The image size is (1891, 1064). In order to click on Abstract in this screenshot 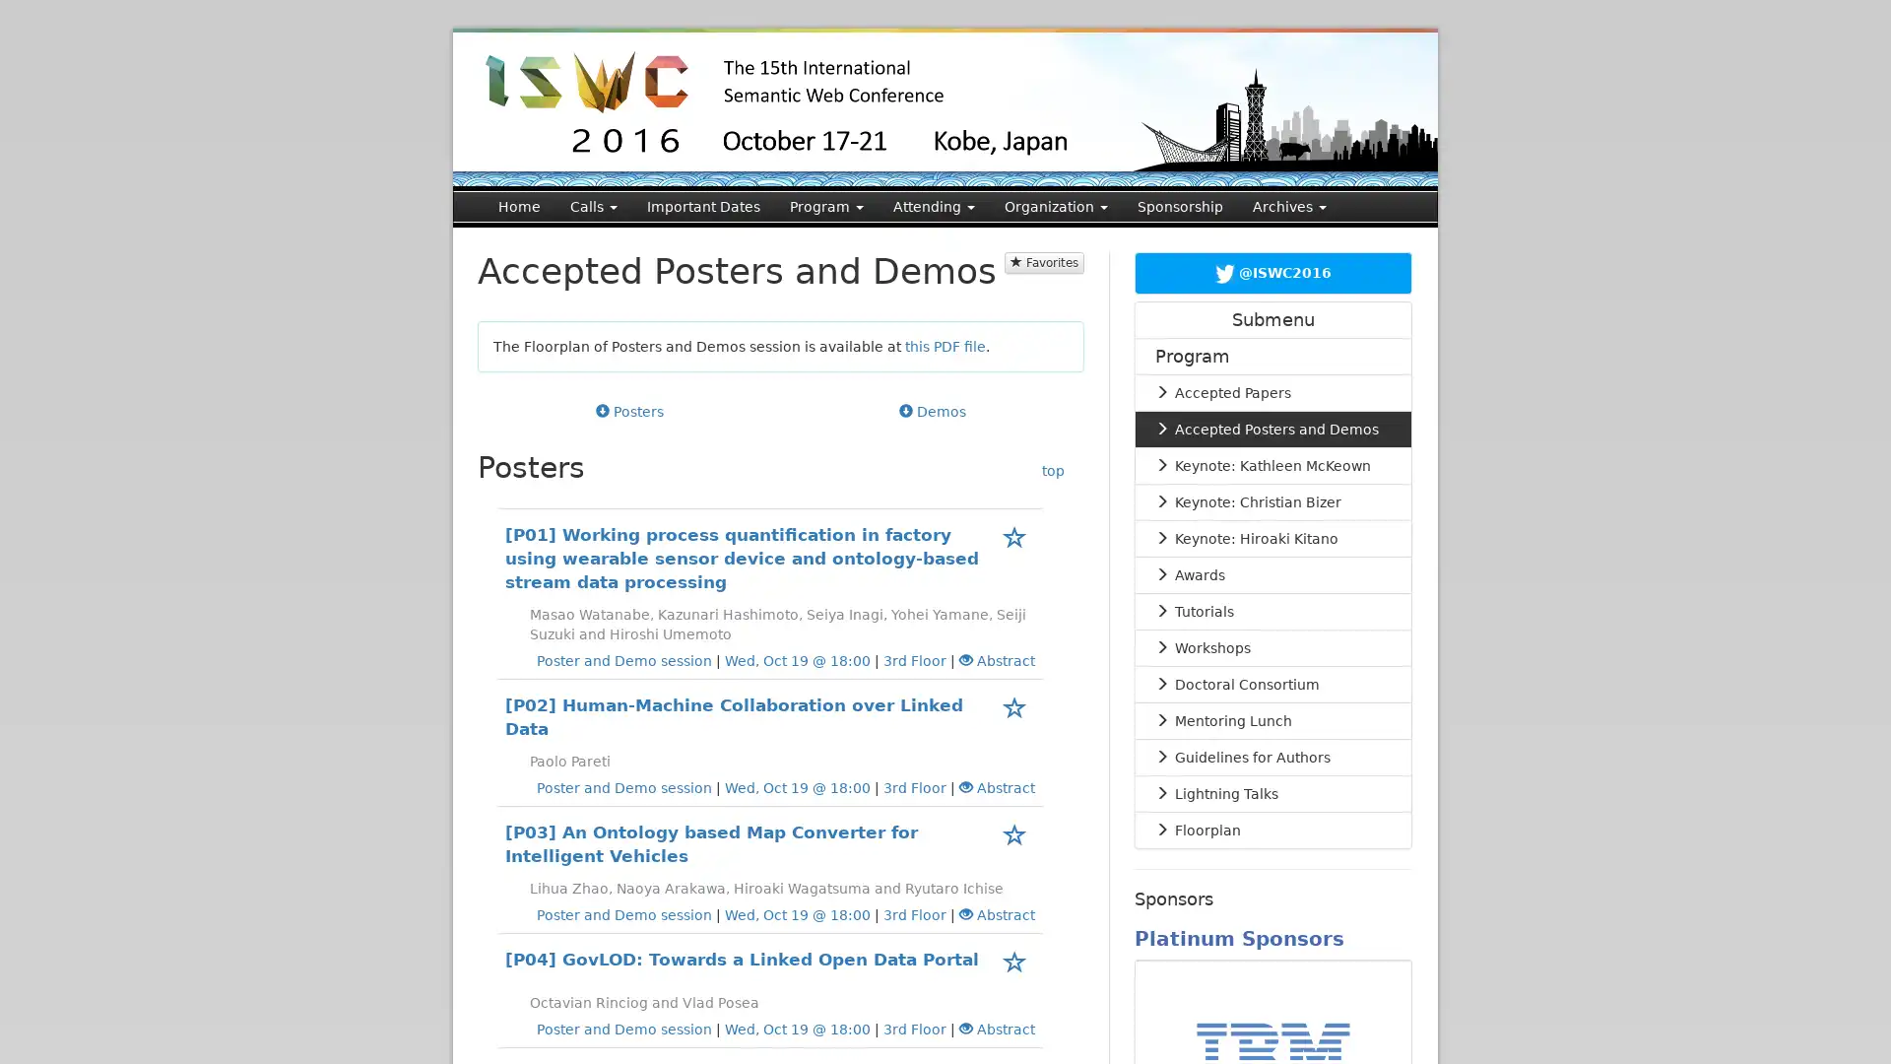, I will do `click(997, 785)`.